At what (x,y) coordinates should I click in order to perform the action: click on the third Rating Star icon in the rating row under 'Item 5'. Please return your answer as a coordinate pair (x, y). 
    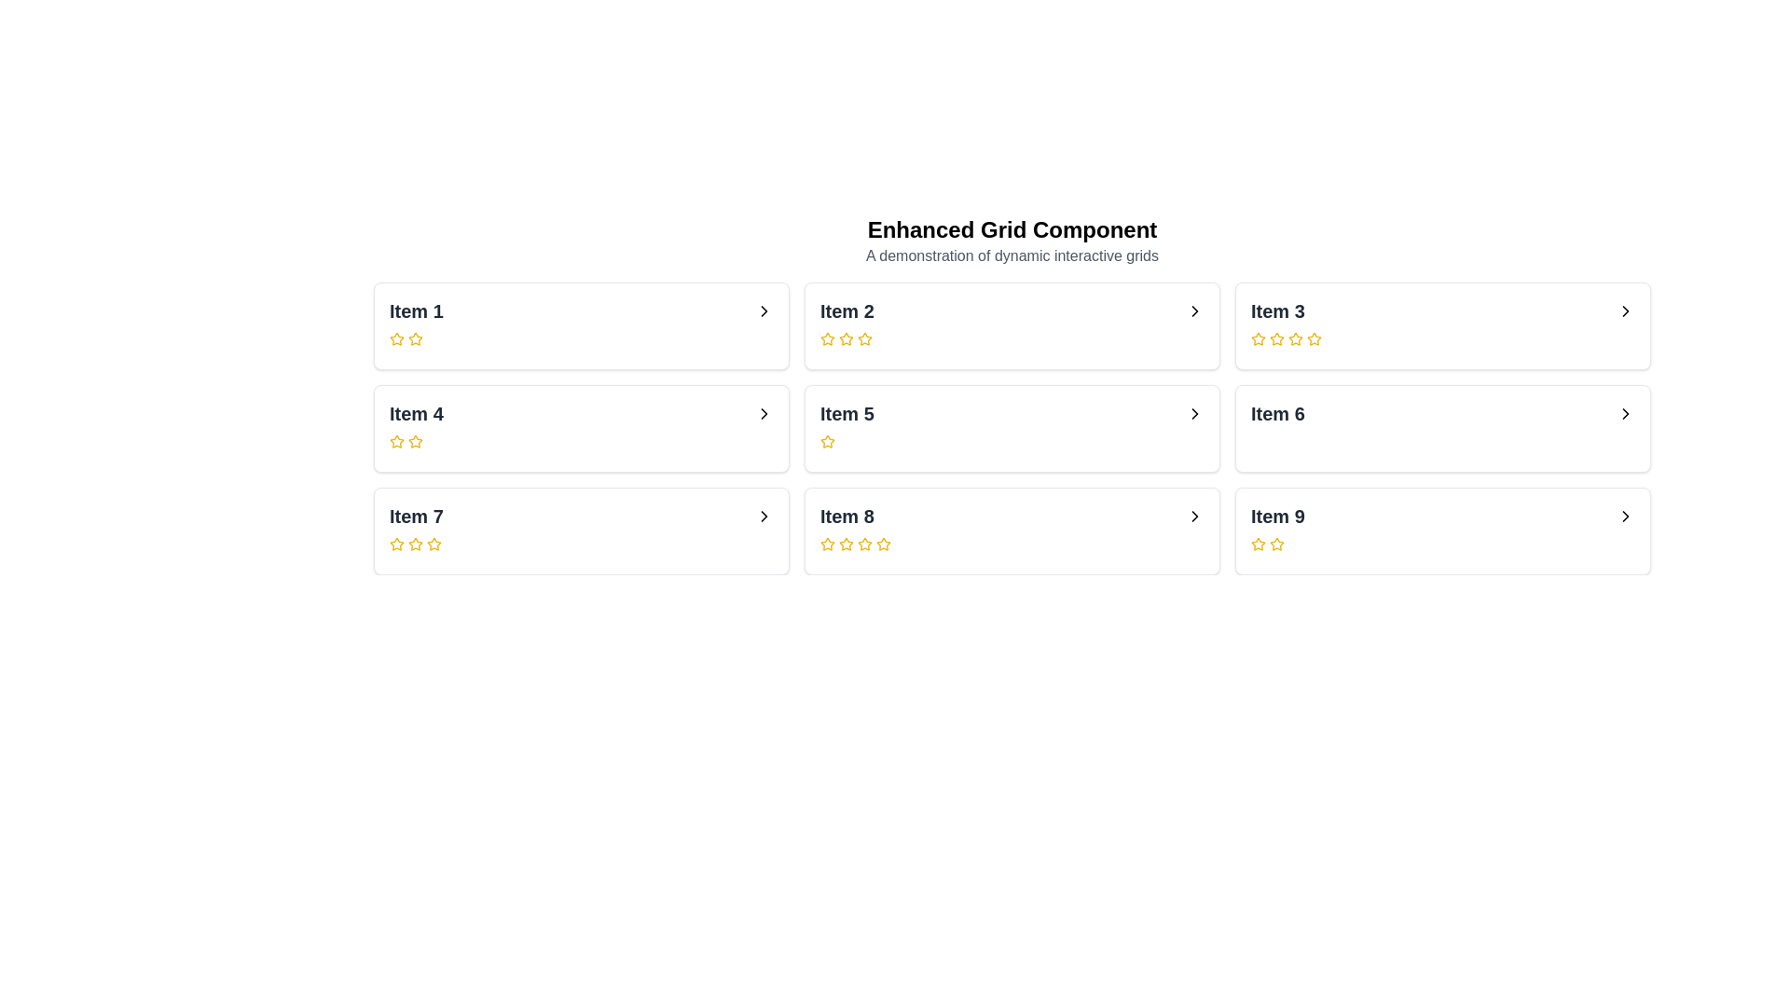
    Looking at the image, I should click on (827, 441).